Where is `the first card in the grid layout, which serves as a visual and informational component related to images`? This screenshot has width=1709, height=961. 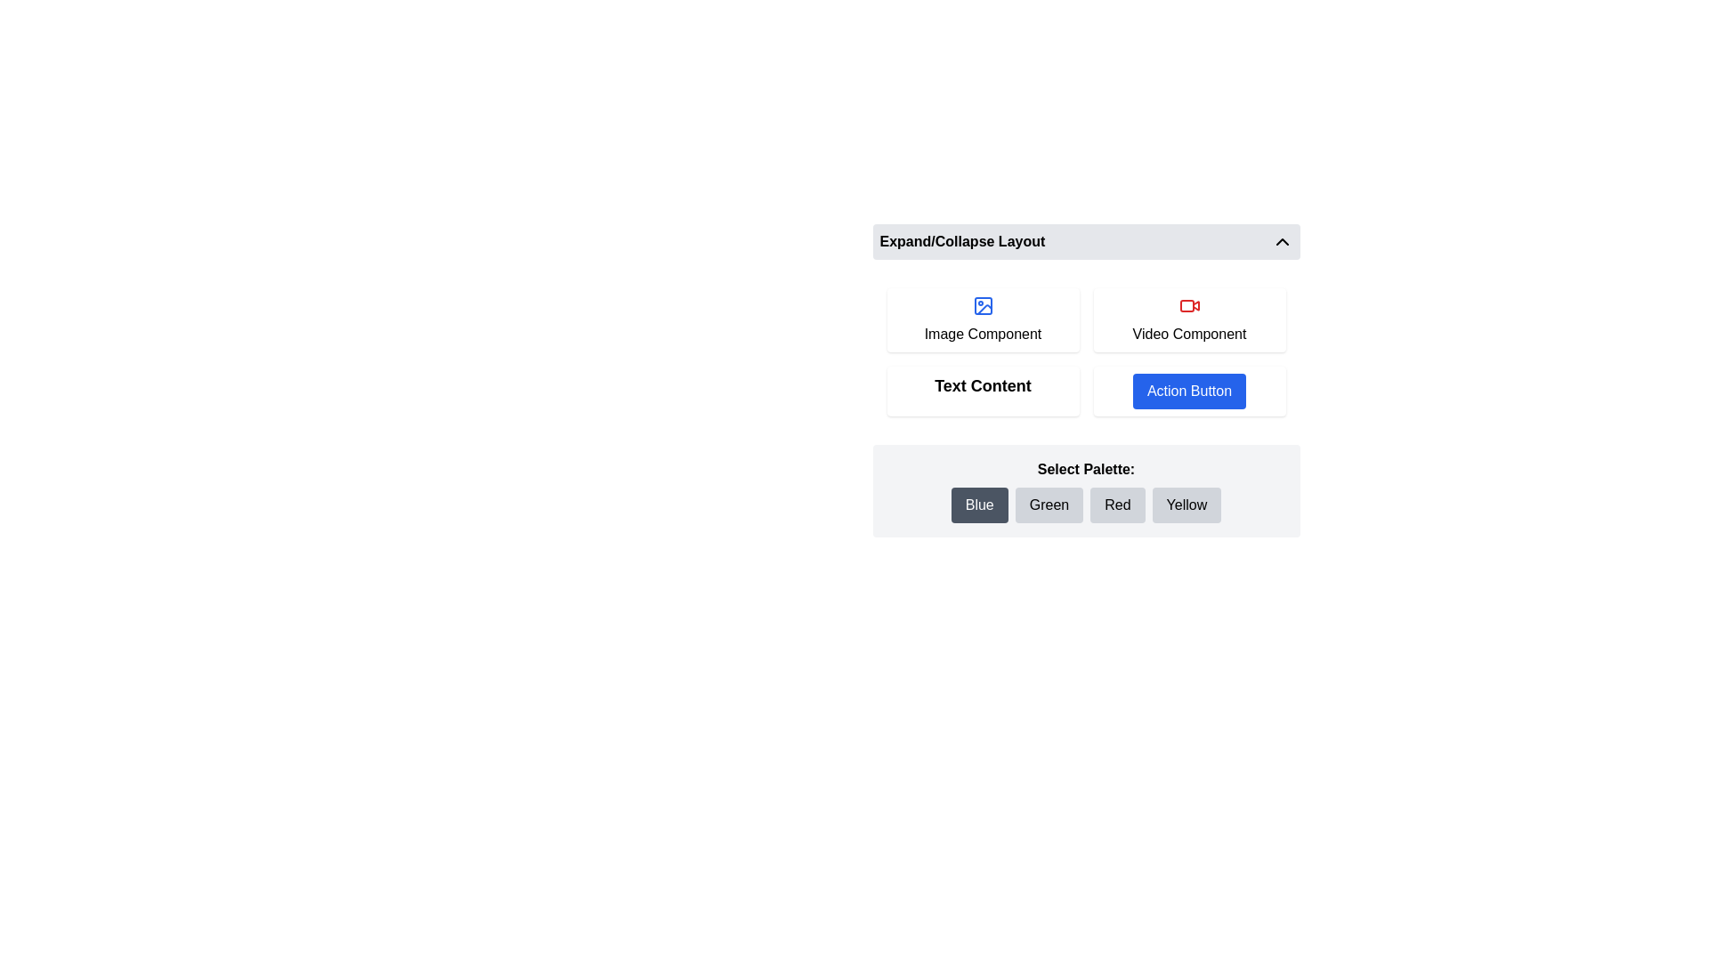
the first card in the grid layout, which serves as a visual and informational component related to images is located at coordinates (982, 319).